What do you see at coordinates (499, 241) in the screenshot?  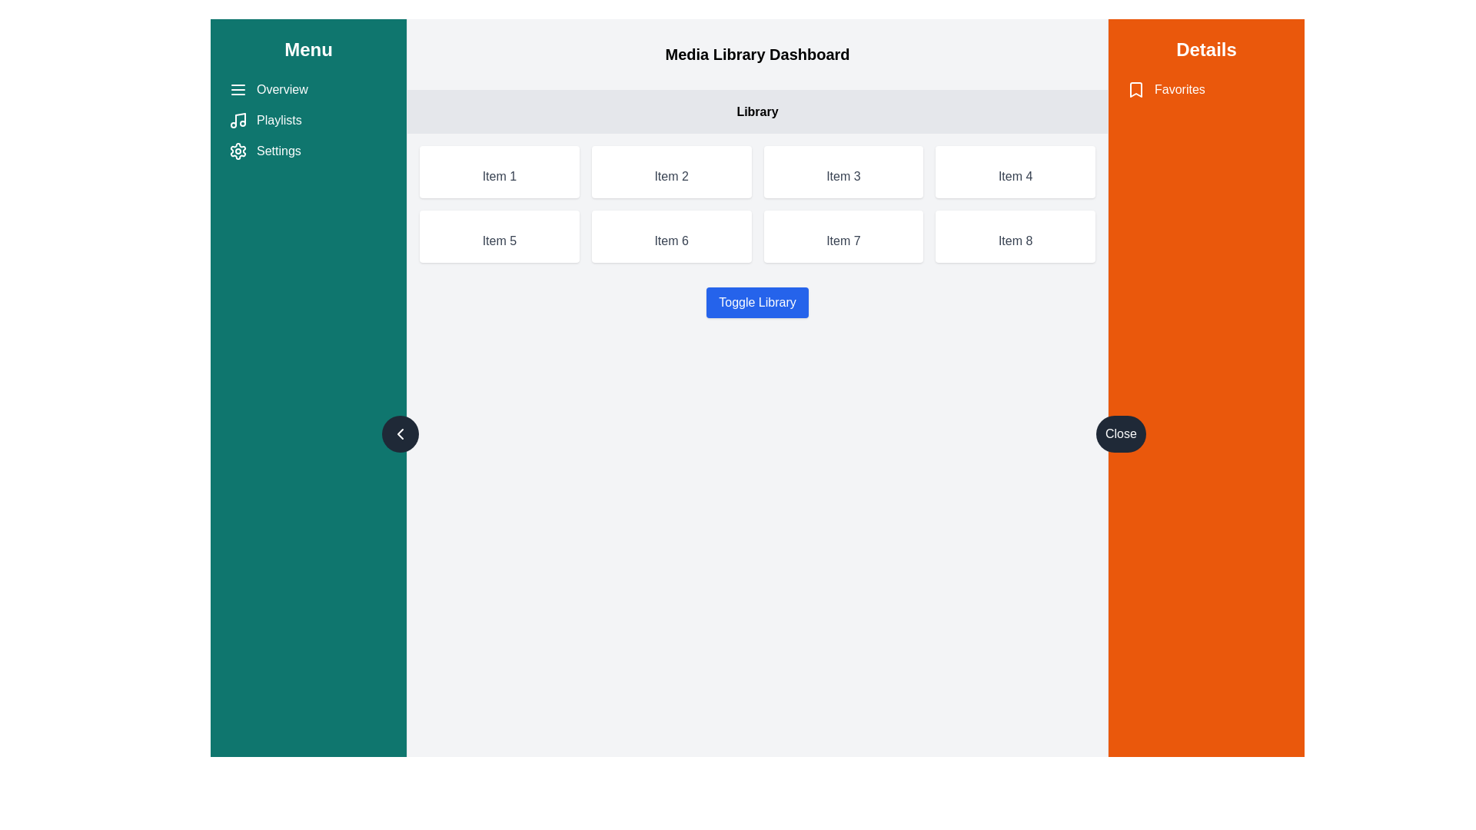 I see `the Text element that serves as a label, located underneath the gray placeholder area and under the 'Item 1' label in the second row, first column` at bounding box center [499, 241].